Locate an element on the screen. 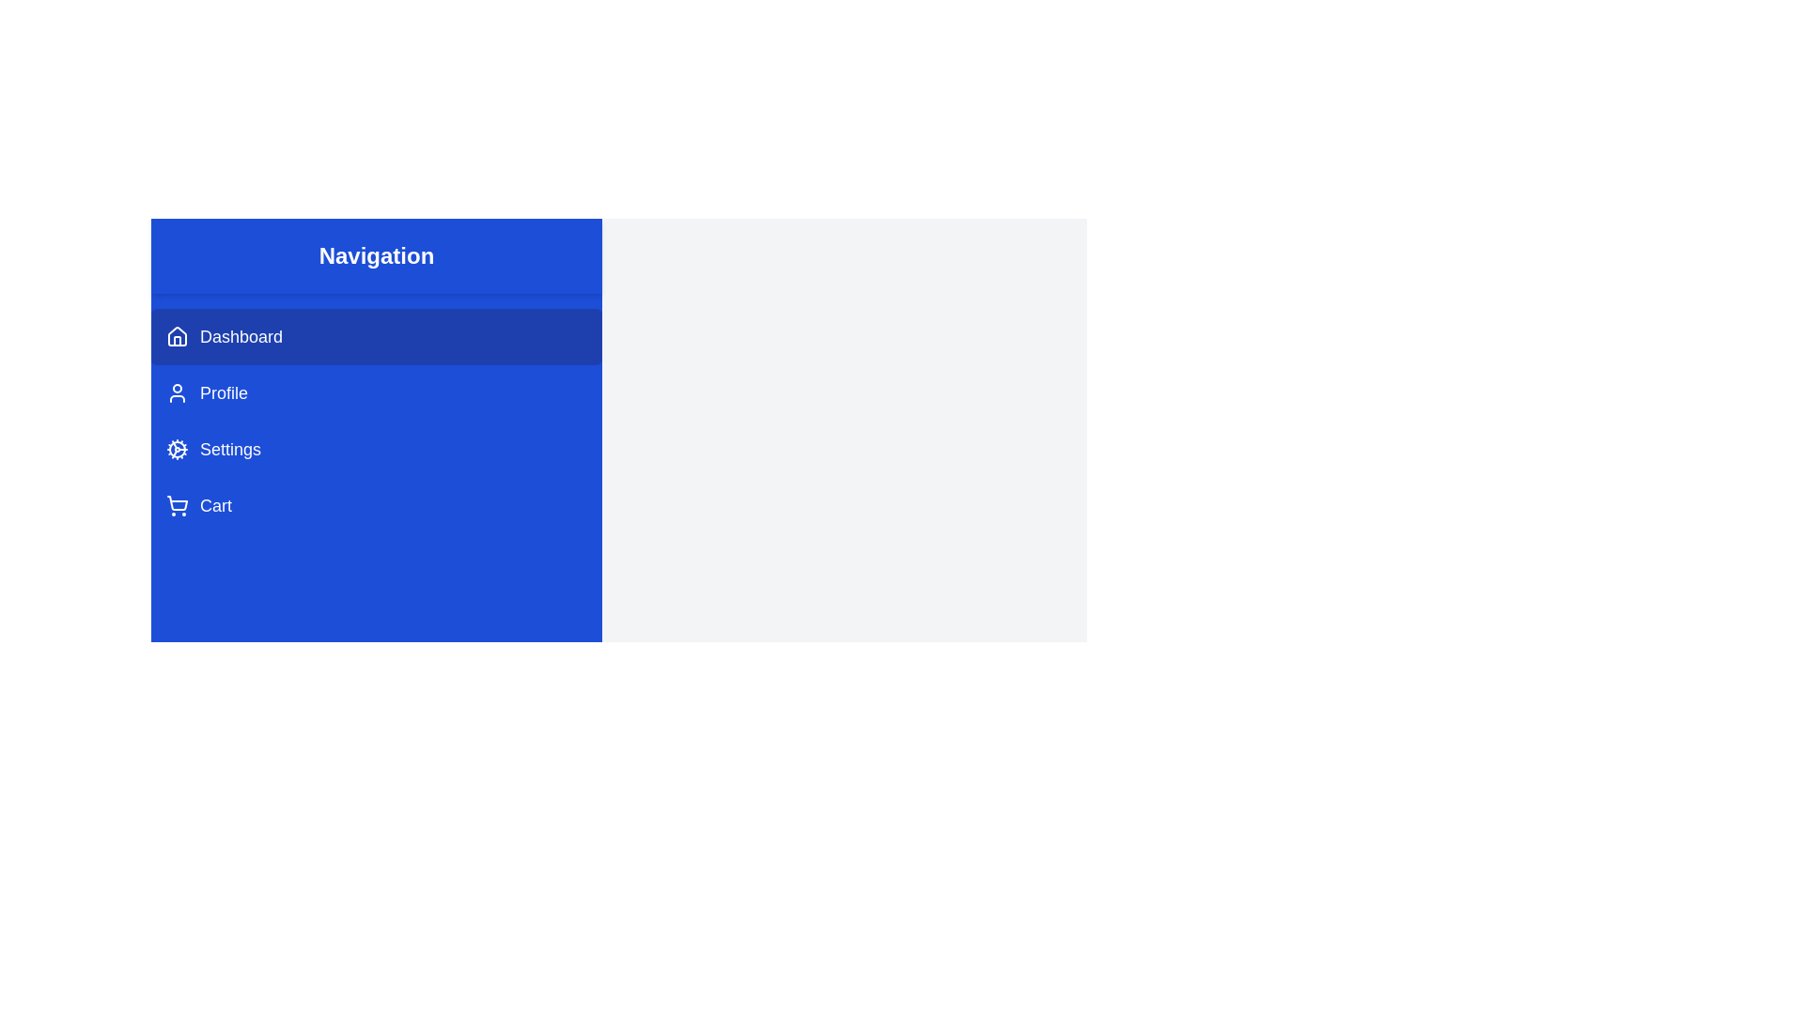 This screenshot has height=1014, width=1804. an item in the vertical navigation menu located beneath the 'Navigation' header is located at coordinates (376, 420).